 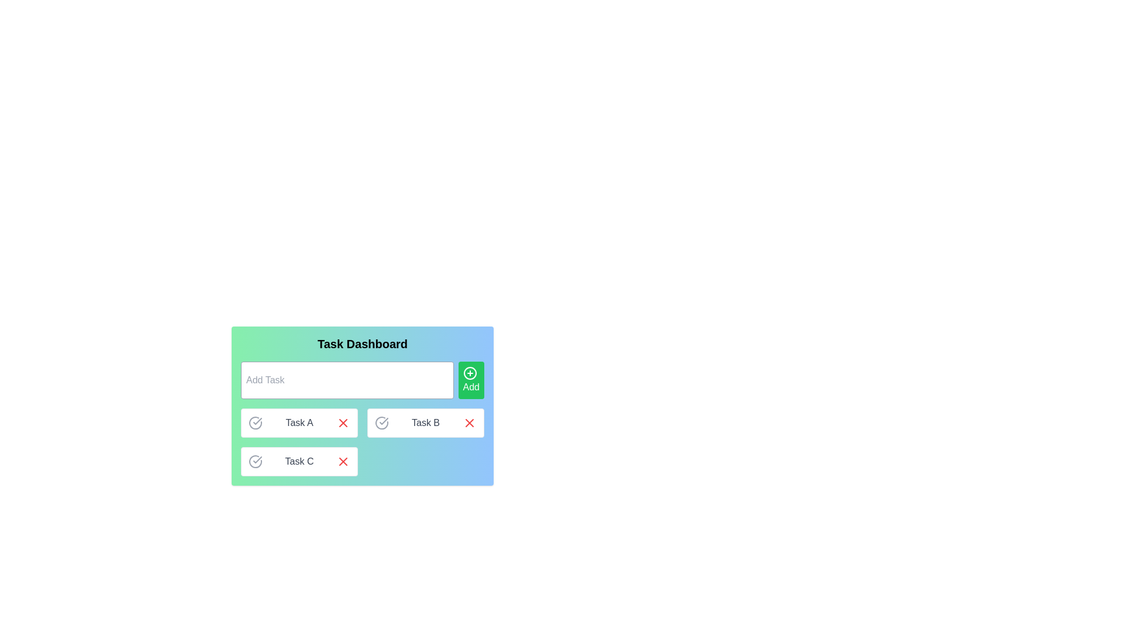 I want to click on the circular gray icon button with a check mark inside, located to the left of the label 'Task C' in the third row under the 'Task Dashboard', so click(x=254, y=461).